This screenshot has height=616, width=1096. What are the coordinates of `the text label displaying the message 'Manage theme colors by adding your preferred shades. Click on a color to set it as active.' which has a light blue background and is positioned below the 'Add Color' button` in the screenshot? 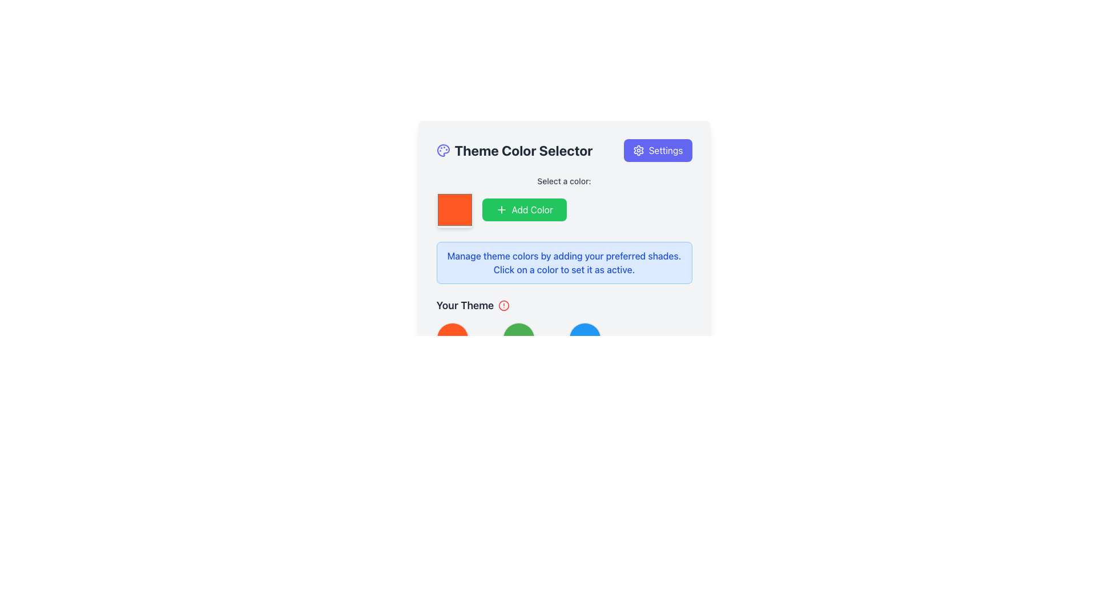 It's located at (564, 263).